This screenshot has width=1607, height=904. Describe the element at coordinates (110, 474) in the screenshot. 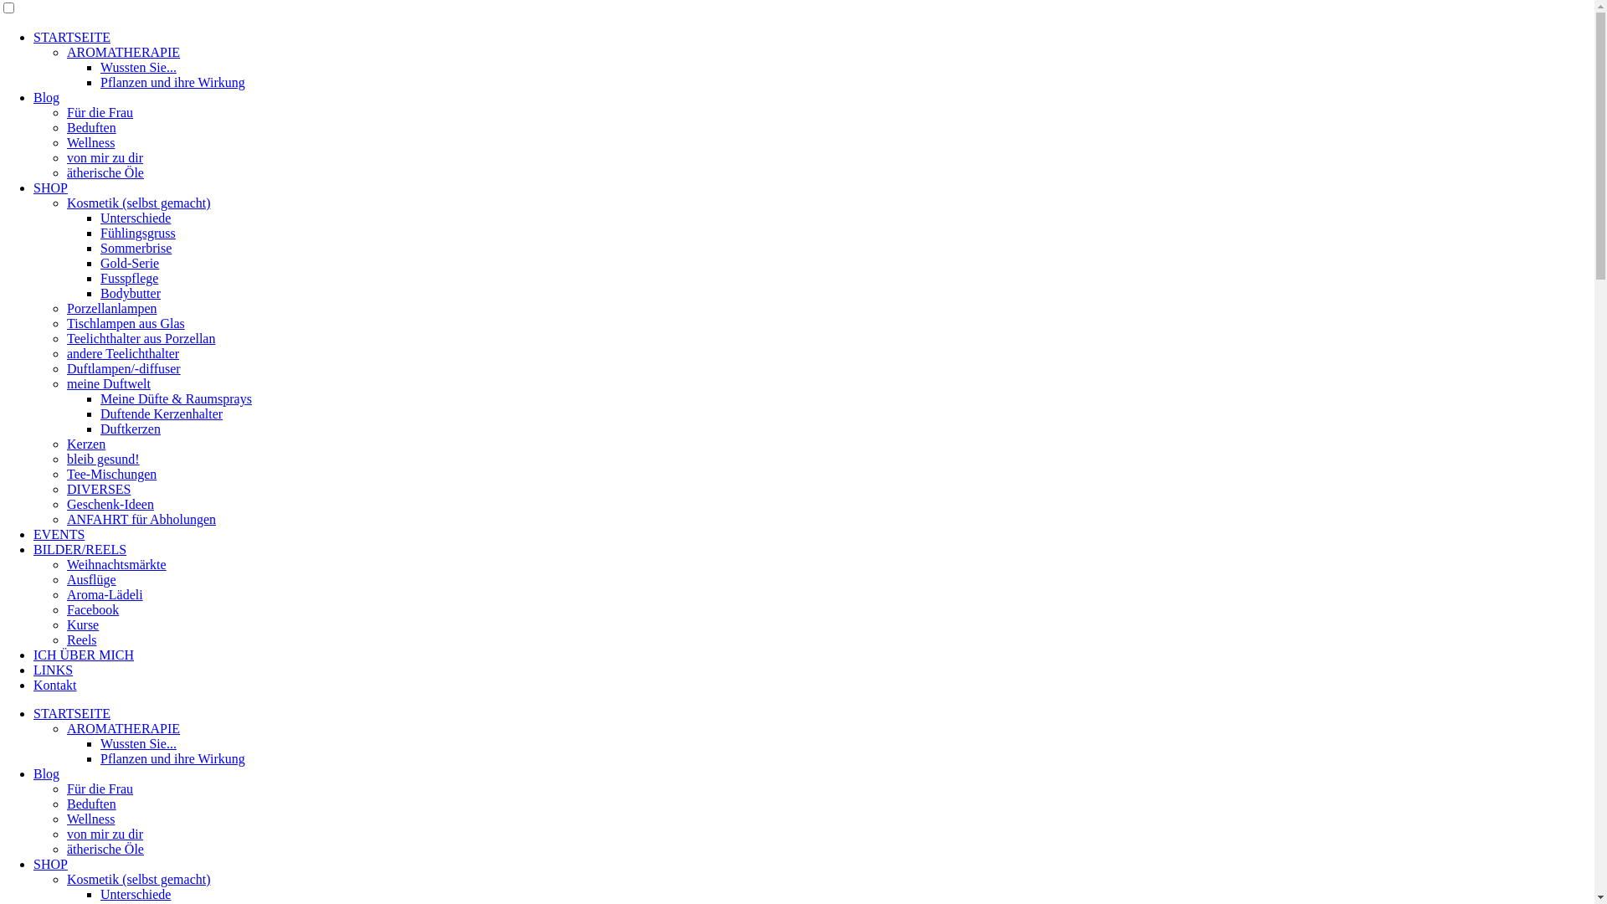

I see `'Tee-Mischungen'` at that location.